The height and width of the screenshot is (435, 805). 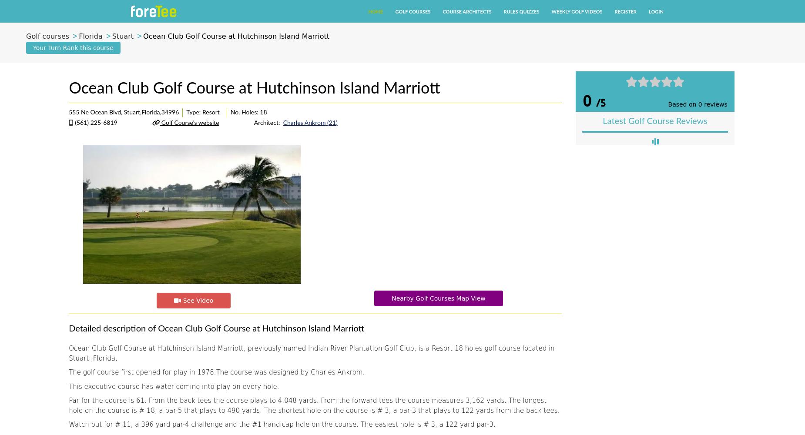 I want to click on 'Based on', so click(x=683, y=104).